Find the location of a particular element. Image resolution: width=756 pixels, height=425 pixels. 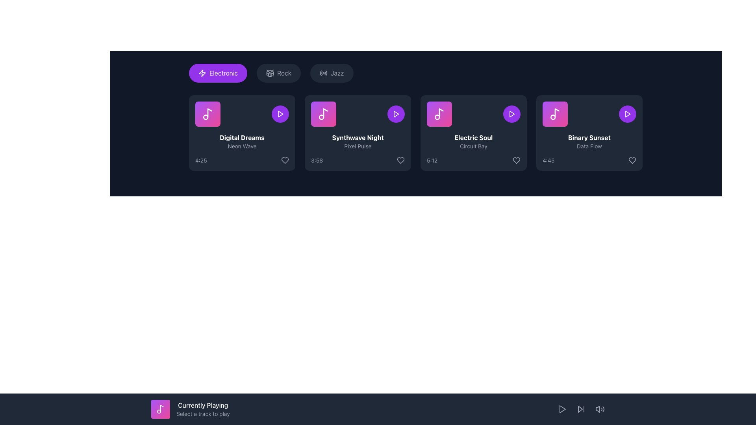

the play button located in the top right section of the first music card, associated with the 'Digital Dreams' song title, to select the item is located at coordinates (280, 114).